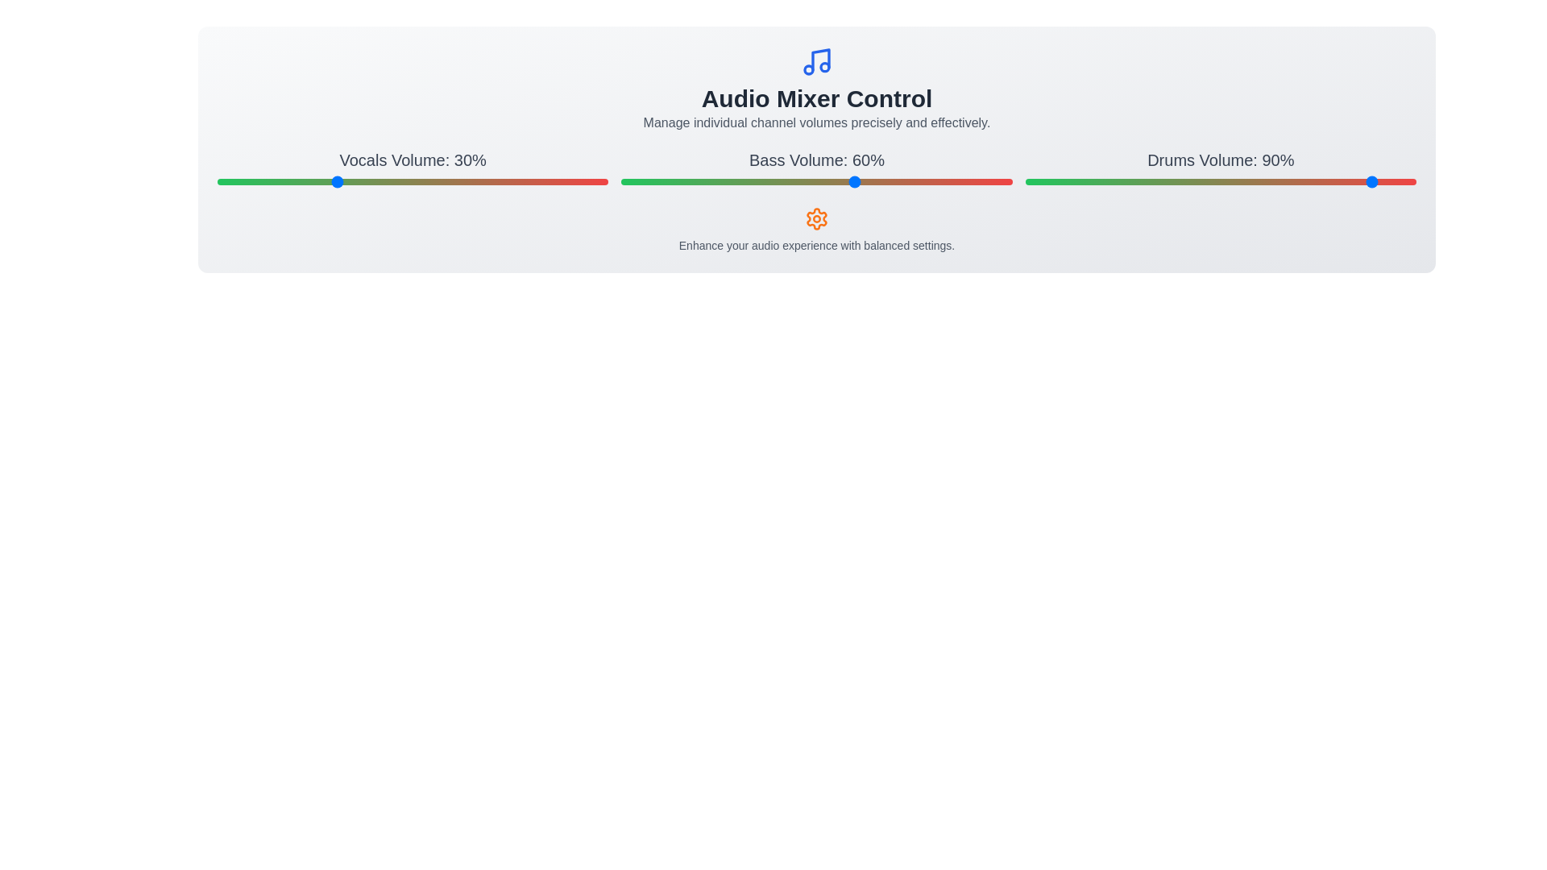 The width and height of the screenshot is (1547, 870). I want to click on the music icon to interact with it, so click(816, 61).